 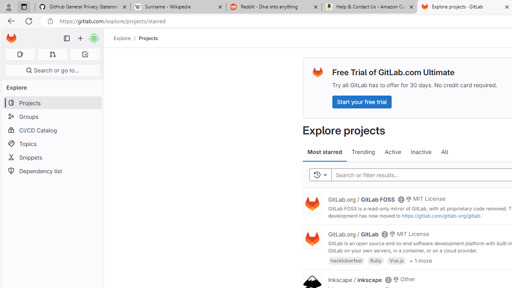 I want to click on 'Ruby', so click(x=376, y=260).